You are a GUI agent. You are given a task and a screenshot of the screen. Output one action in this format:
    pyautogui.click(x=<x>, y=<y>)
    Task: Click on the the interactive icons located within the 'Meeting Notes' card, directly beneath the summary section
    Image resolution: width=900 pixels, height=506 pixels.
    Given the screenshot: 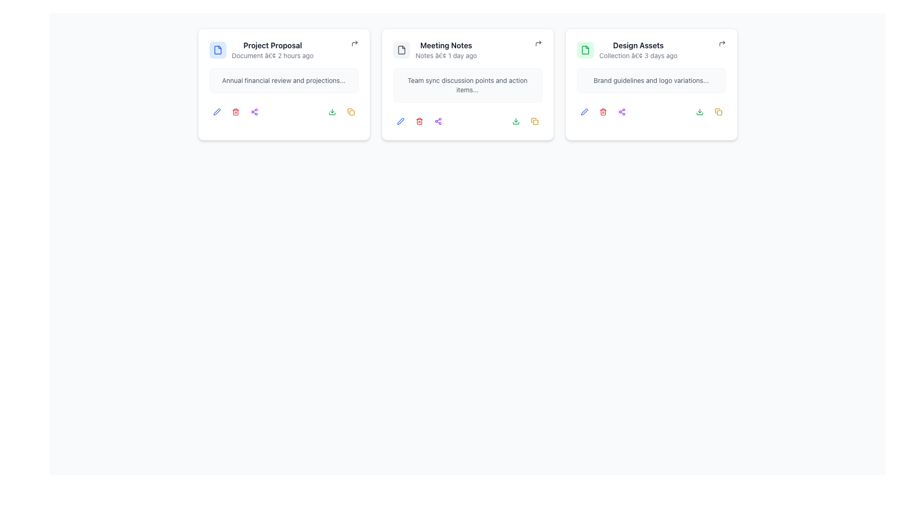 What is the action you would take?
    pyautogui.click(x=467, y=119)
    